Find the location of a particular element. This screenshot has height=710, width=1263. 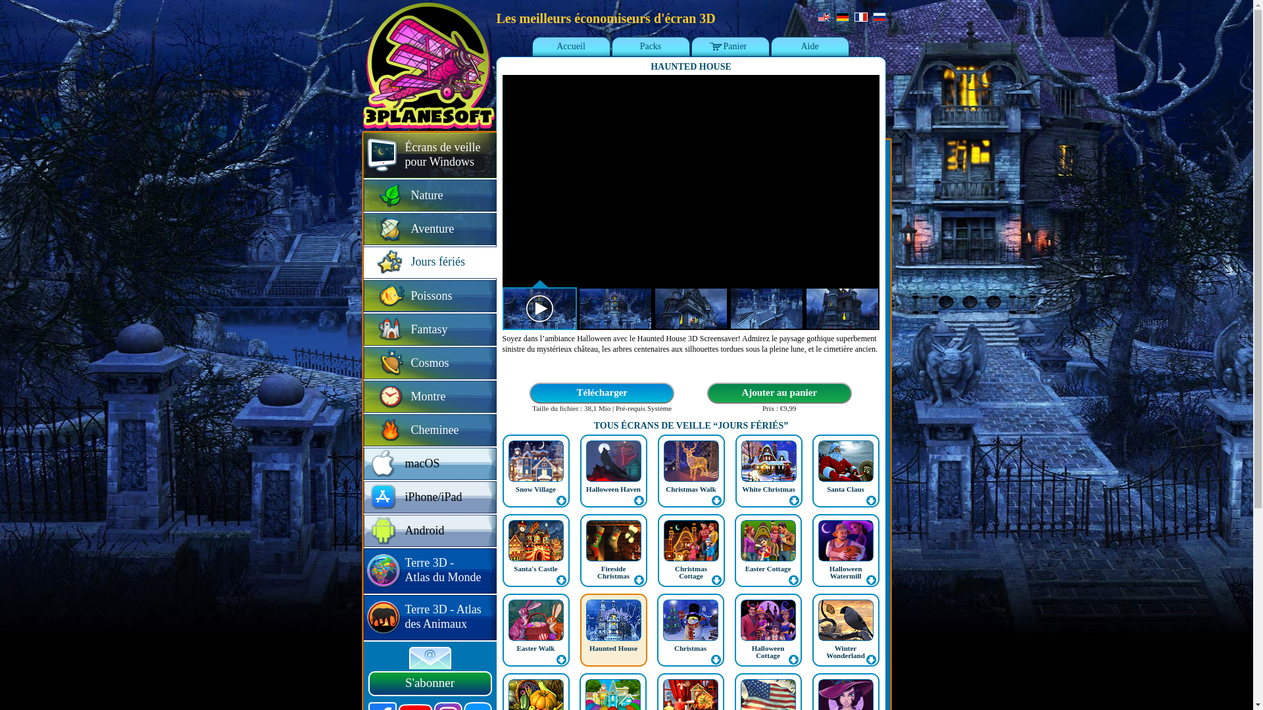

'Christmas Walk' is located at coordinates (657, 470).